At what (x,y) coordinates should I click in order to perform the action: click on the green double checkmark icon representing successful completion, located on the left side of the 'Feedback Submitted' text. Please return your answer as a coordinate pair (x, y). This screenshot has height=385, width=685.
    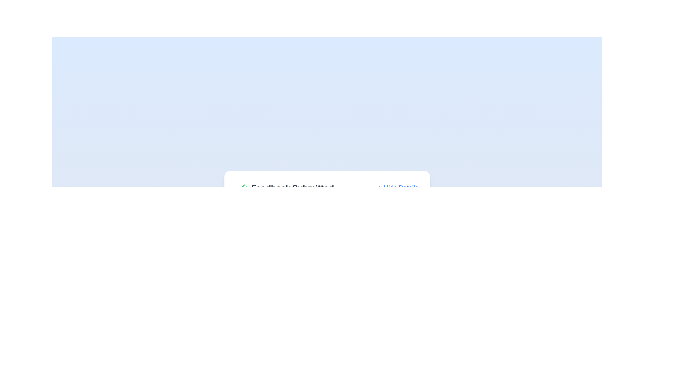
    Looking at the image, I should click on (241, 187).